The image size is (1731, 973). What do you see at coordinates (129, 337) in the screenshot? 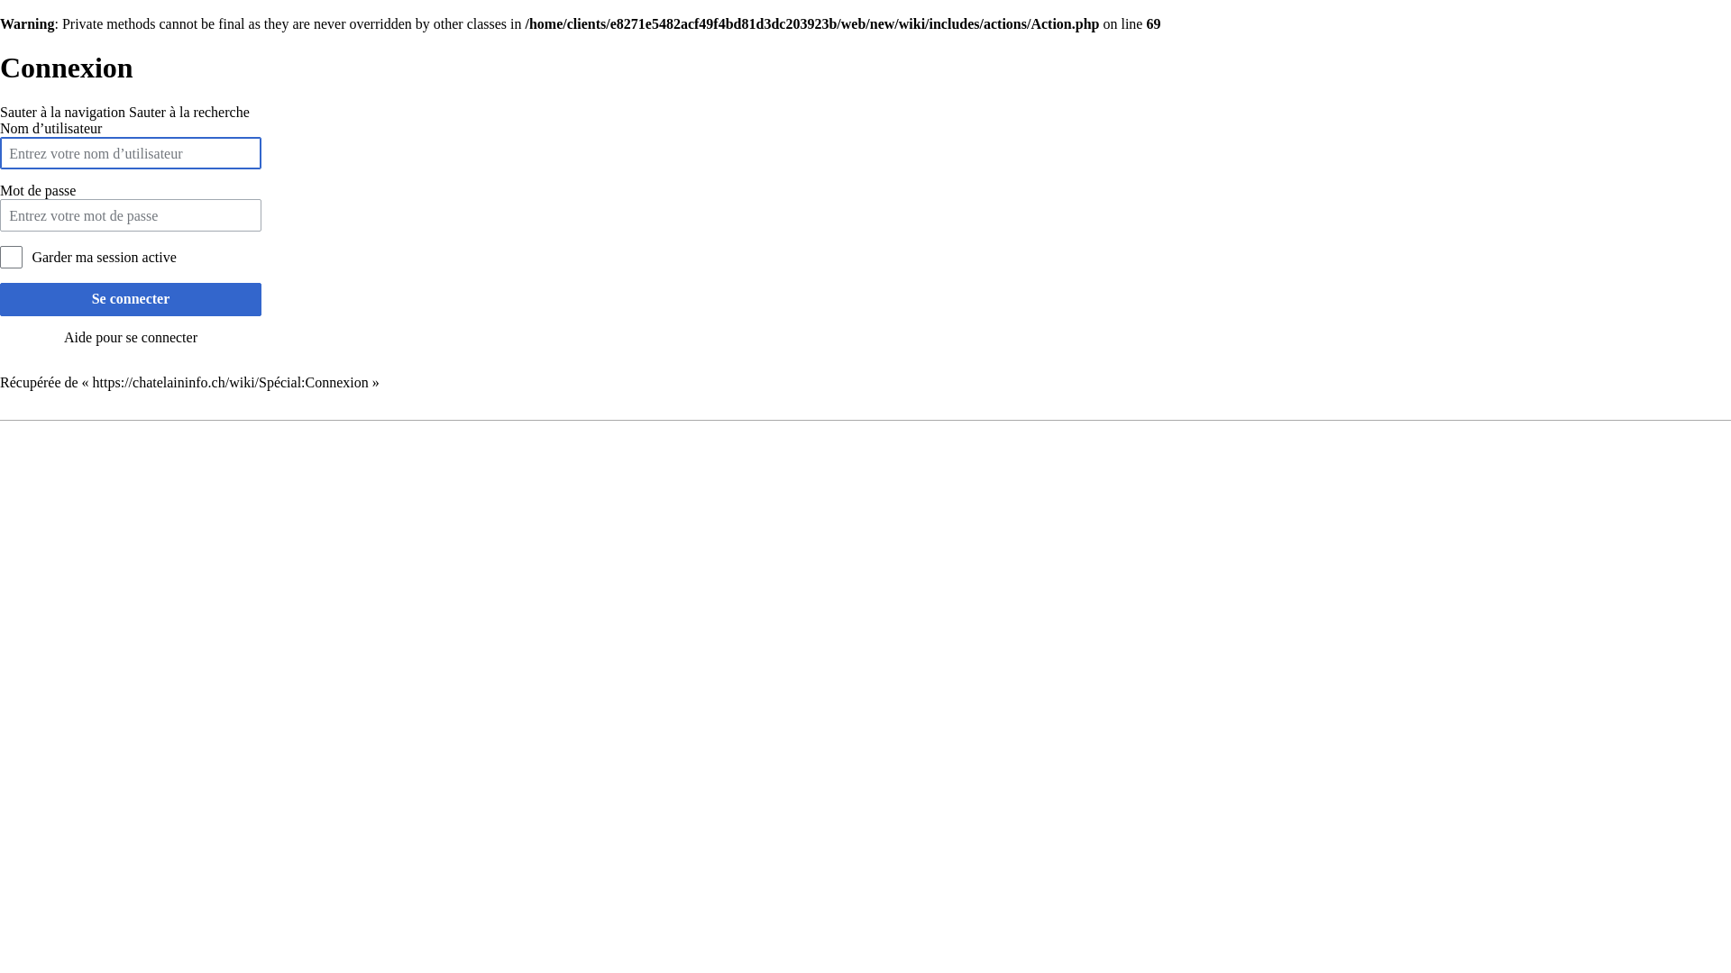
I see `'Aide pour se connecter'` at bounding box center [129, 337].